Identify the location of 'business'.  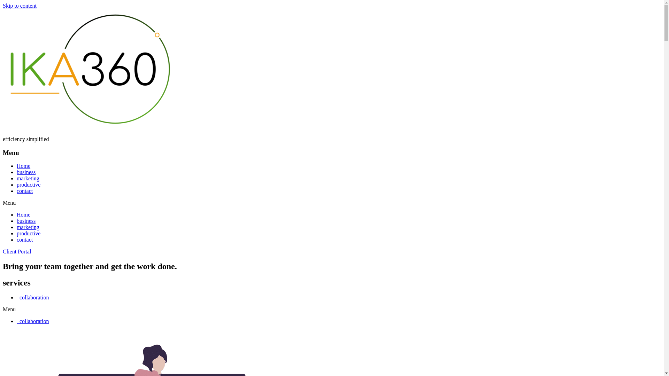
(17, 221).